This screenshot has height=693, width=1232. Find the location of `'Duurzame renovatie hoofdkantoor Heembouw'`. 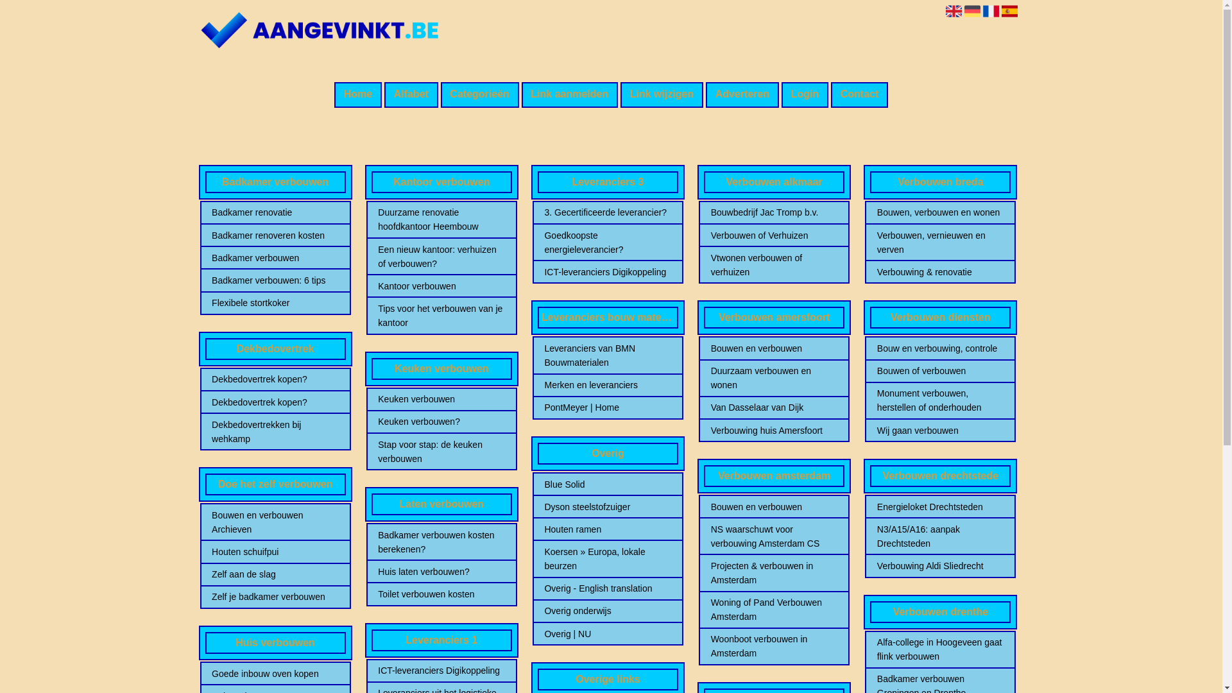

'Duurzame renovatie hoofdkantoor Heembouw' is located at coordinates (441, 219).